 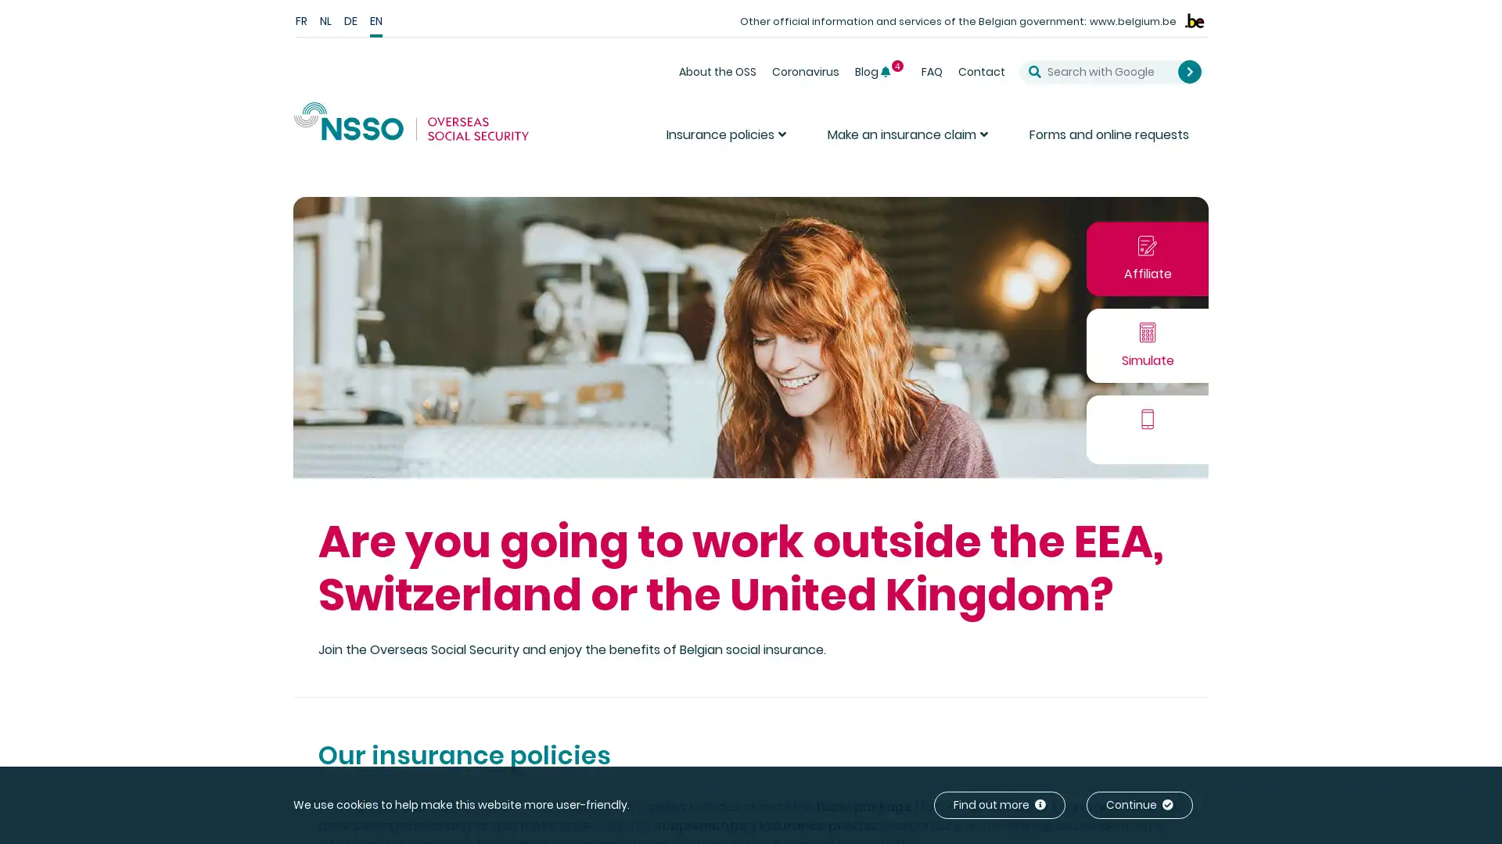 I want to click on Search, so click(x=1189, y=71).